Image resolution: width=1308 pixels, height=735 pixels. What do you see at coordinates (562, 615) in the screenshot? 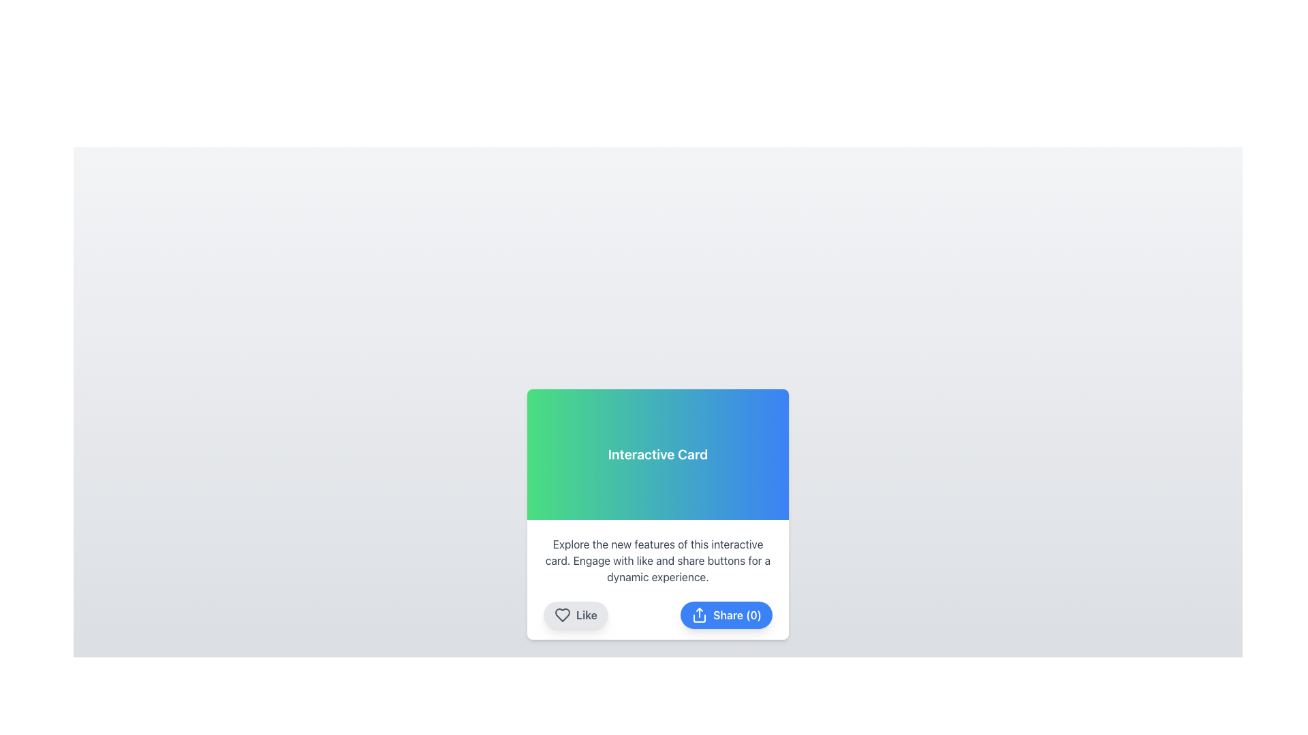
I see `the heart-shaped icon with a thin black outline located to the left of the 'Like' button in the bottom-left corner of the card` at bounding box center [562, 615].